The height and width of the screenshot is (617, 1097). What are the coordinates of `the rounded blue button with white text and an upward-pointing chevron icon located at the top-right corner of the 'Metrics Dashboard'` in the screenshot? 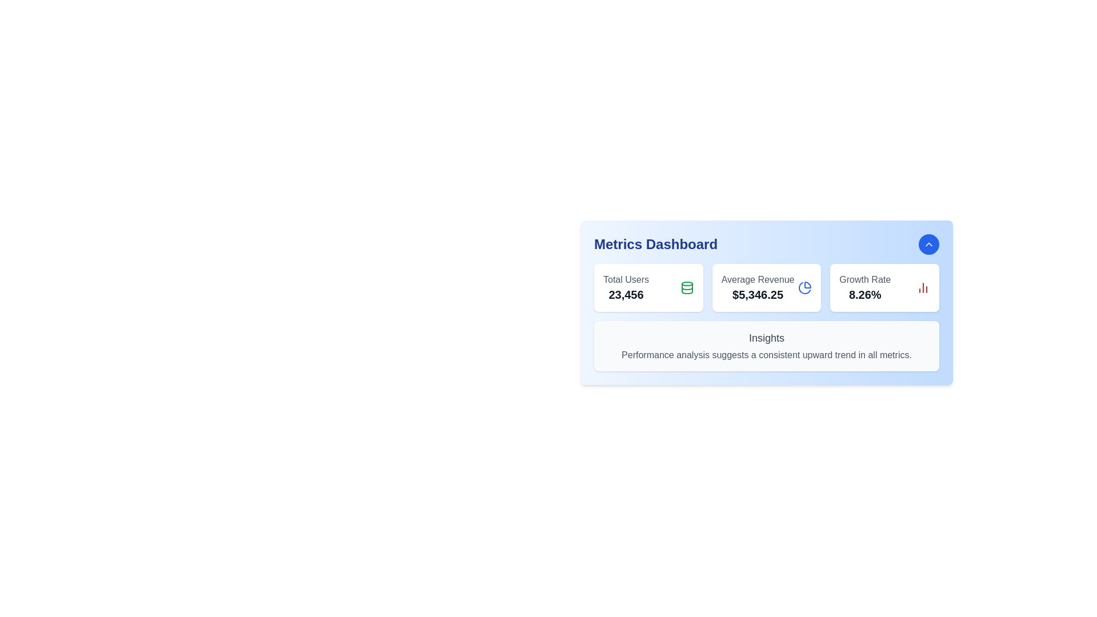 It's located at (929, 244).